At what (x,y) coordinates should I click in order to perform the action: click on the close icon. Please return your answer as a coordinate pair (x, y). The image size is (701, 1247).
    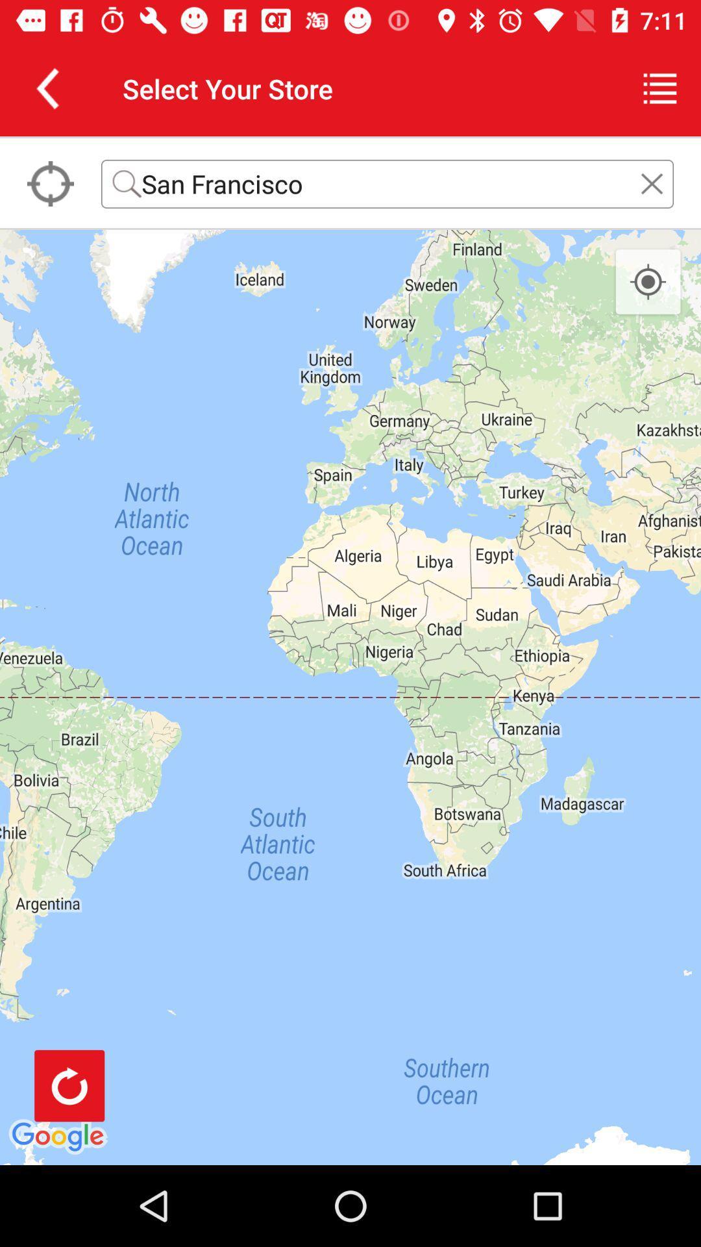
    Looking at the image, I should click on (652, 183).